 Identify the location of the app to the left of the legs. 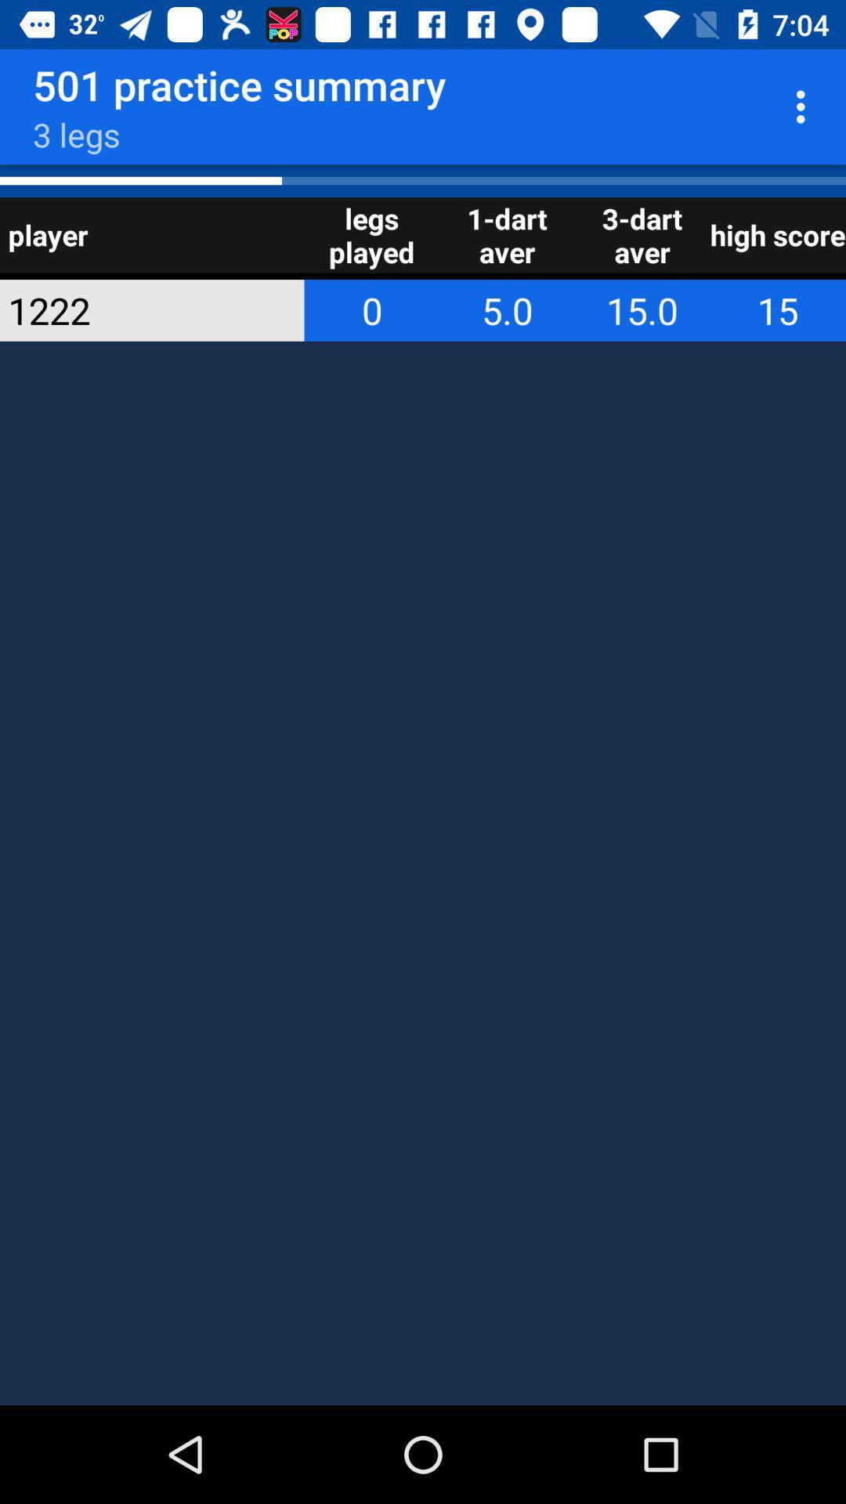
(130, 310).